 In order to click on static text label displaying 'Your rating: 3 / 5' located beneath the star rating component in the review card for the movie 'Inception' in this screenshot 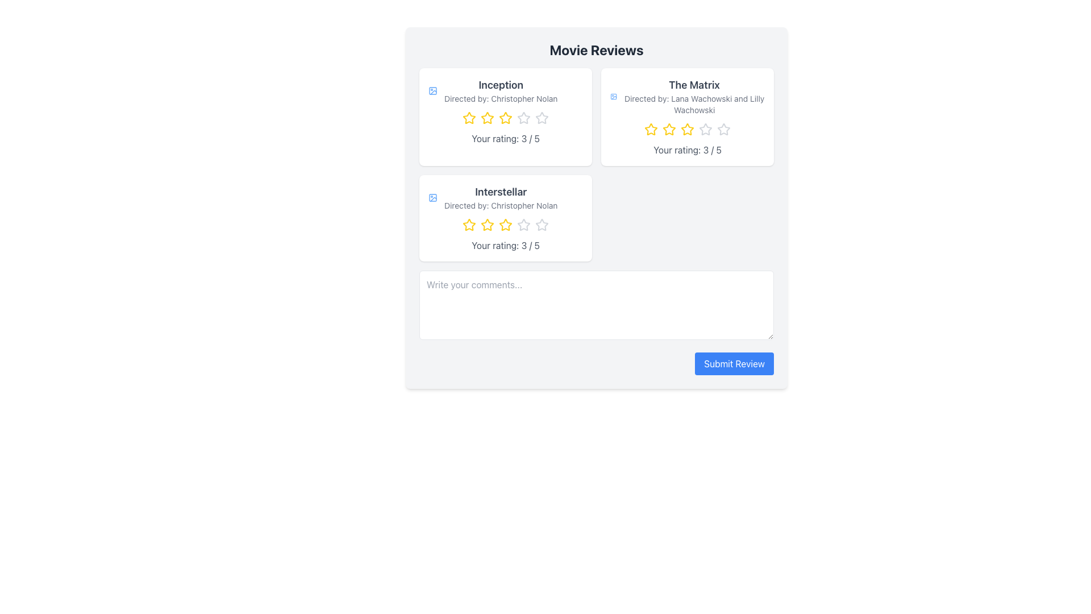, I will do `click(505, 138)`.